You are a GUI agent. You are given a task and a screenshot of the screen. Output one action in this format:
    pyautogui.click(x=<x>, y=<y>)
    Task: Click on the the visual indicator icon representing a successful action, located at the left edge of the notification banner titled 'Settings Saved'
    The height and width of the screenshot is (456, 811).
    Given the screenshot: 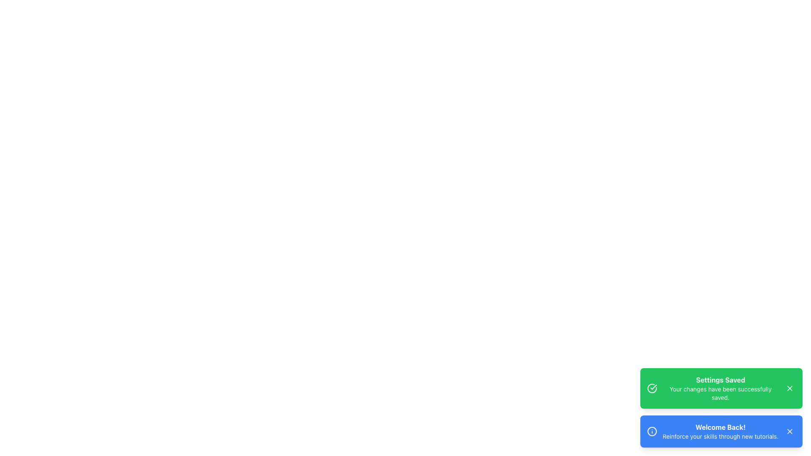 What is the action you would take?
    pyautogui.click(x=652, y=388)
    